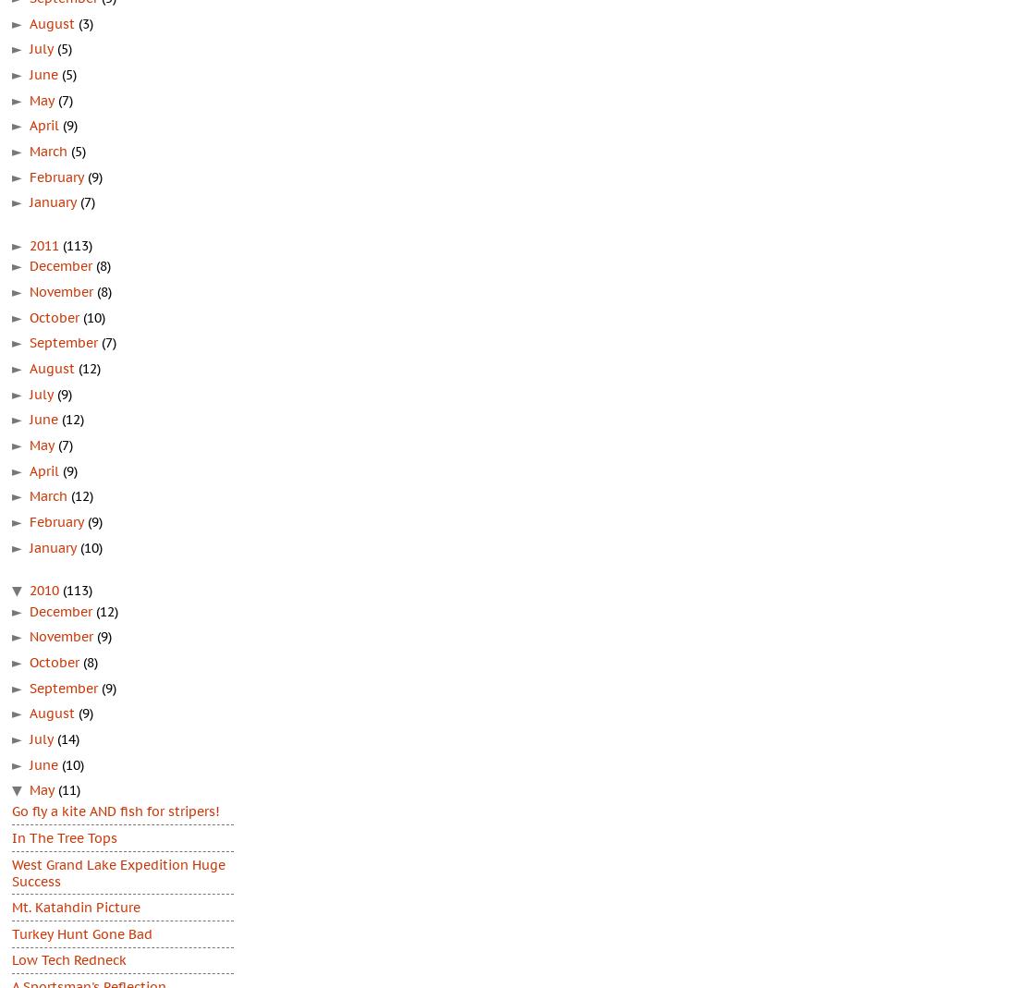  Describe the element at coordinates (69, 789) in the screenshot. I see `'(11)'` at that location.